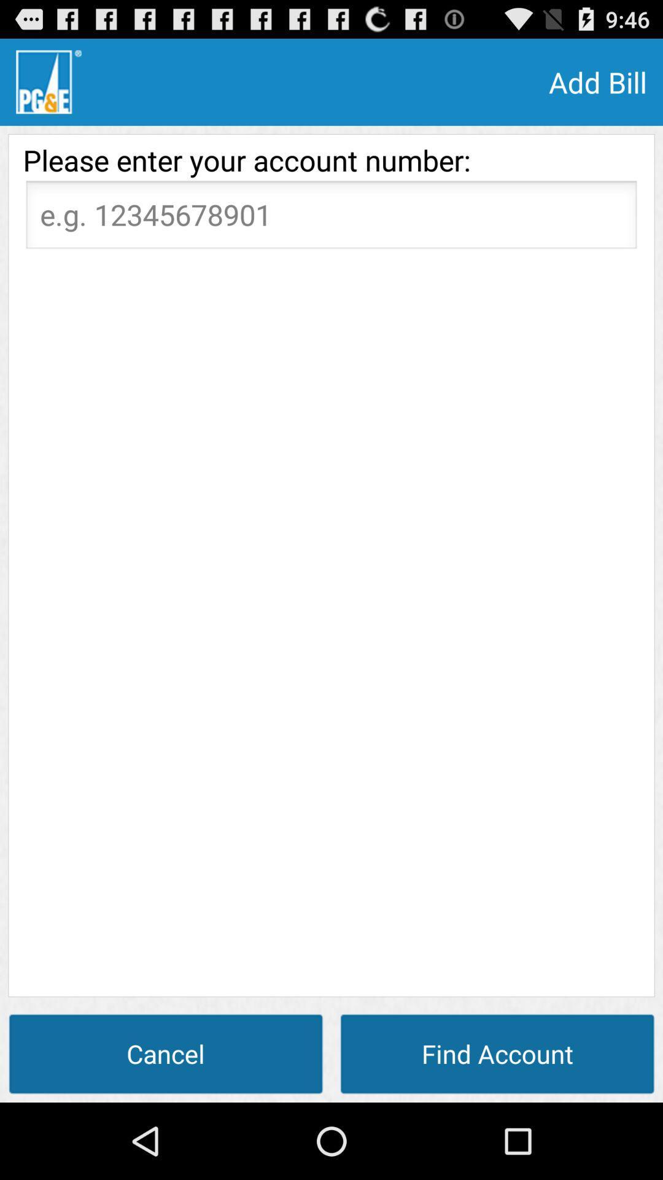 Image resolution: width=663 pixels, height=1180 pixels. I want to click on the button next to cancel button, so click(497, 1053).